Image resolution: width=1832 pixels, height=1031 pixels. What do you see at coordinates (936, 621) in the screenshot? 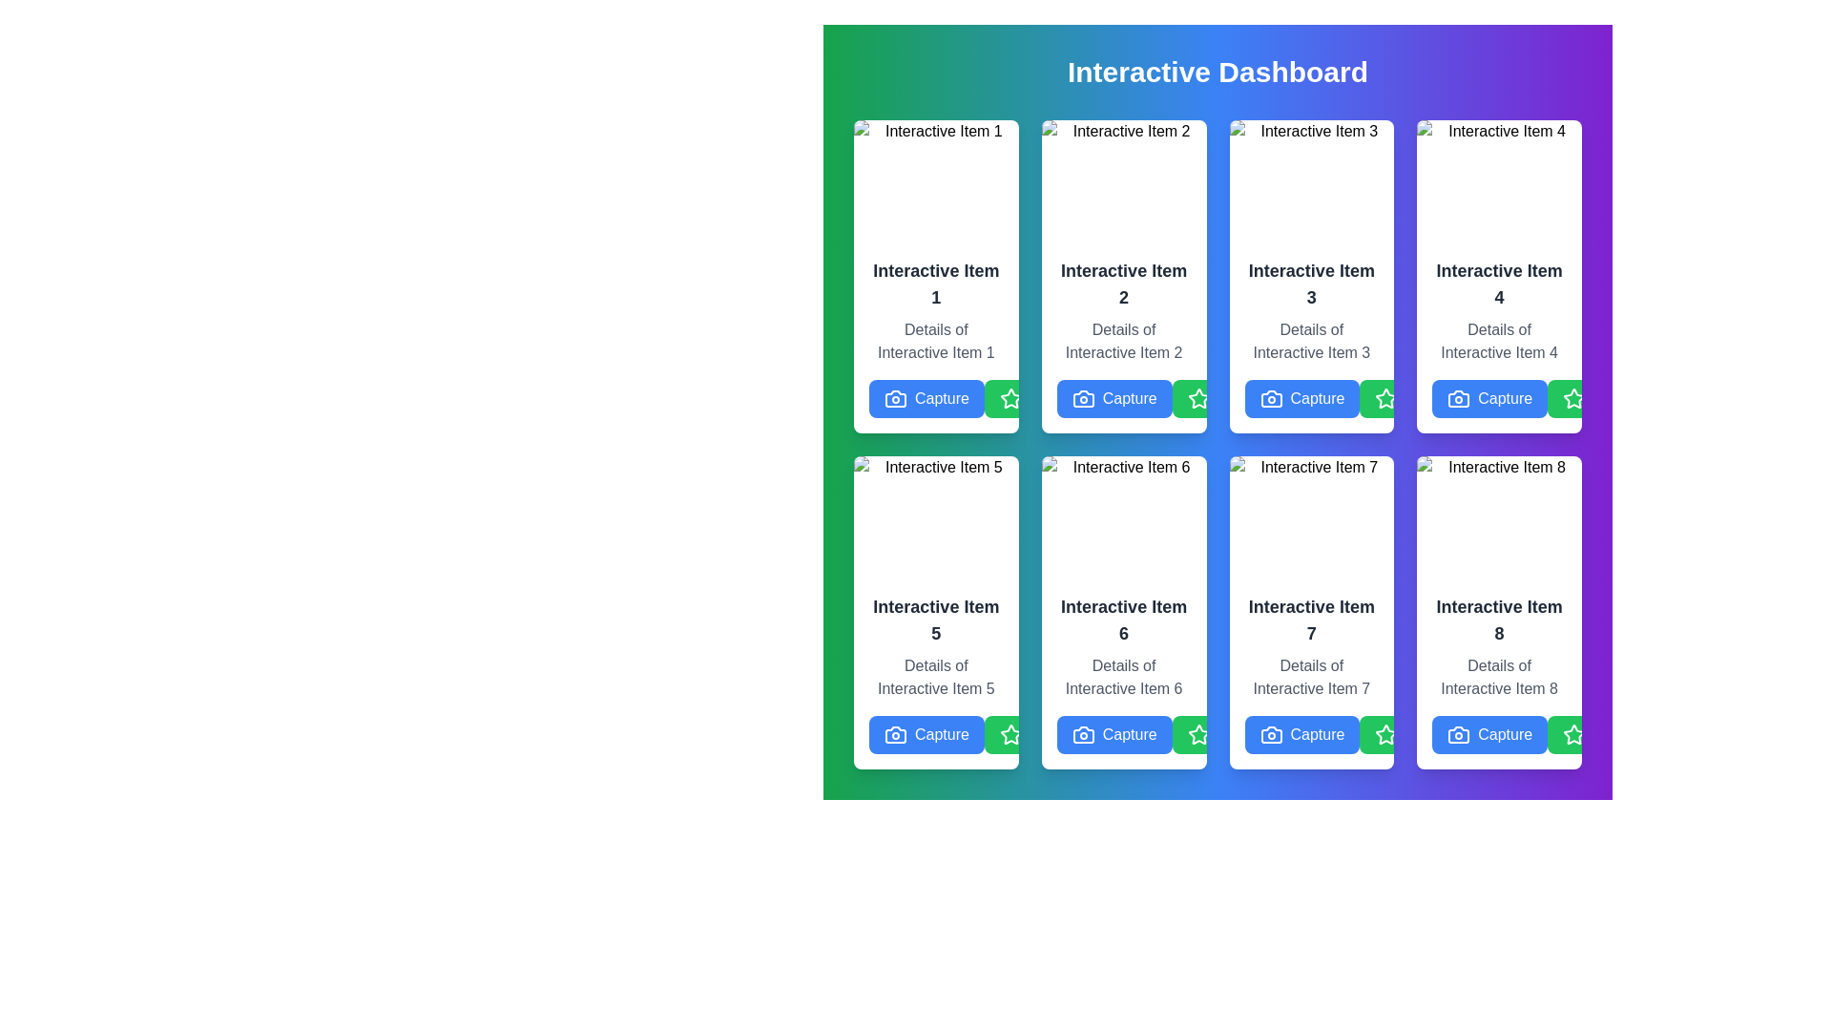
I see `the text label 'Interactive Item 5', which is a prominently displayed header in a larger bold dark gray font within the middle section of its containing card` at bounding box center [936, 621].